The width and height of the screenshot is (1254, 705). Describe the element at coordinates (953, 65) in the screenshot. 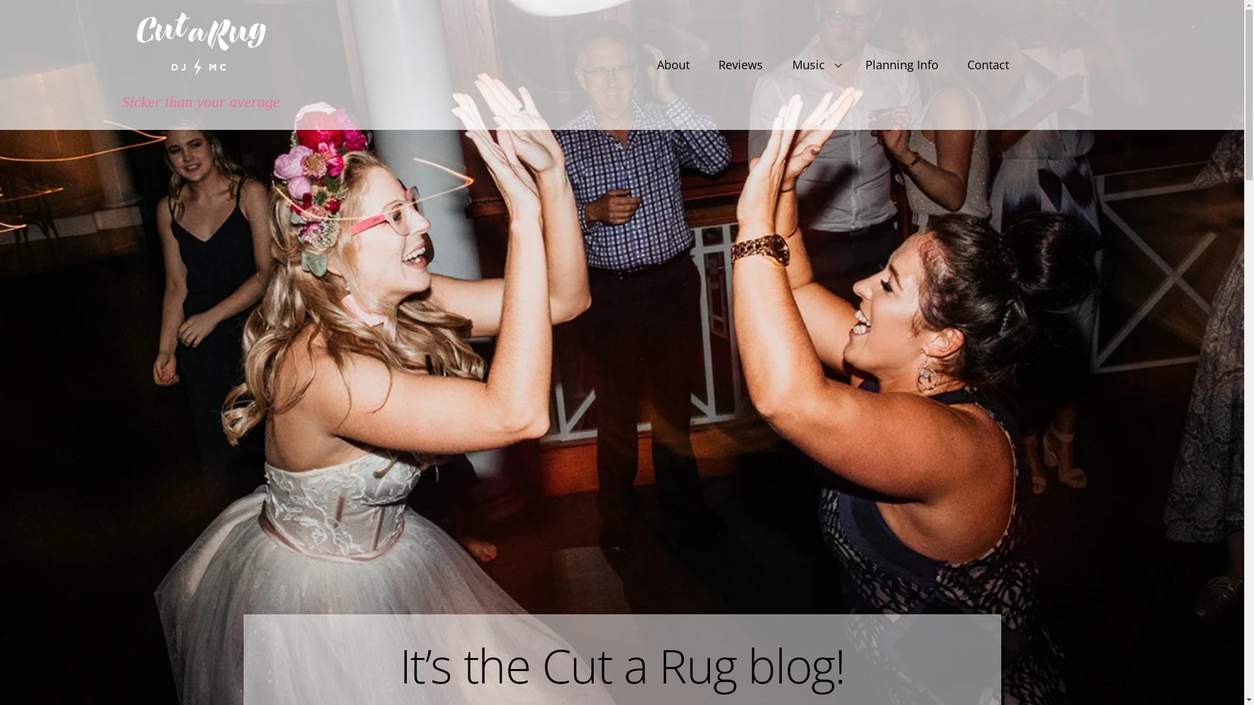

I see `'Contact'` at that location.